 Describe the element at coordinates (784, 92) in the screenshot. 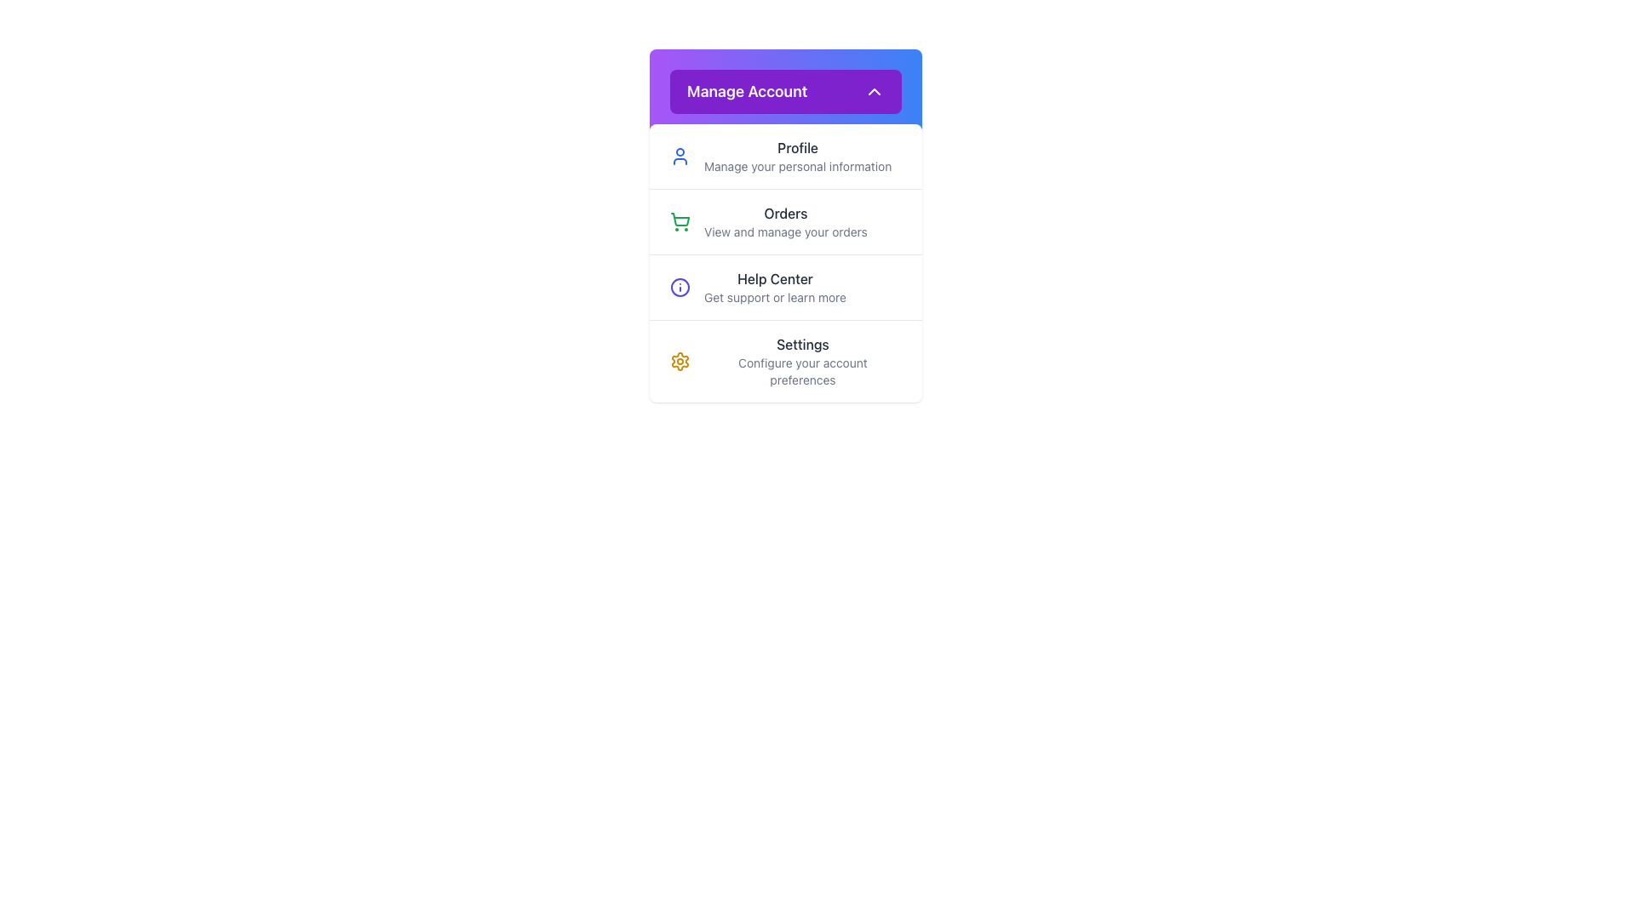

I see `the 'Manage Account' button with a purple and blue gradient` at that location.